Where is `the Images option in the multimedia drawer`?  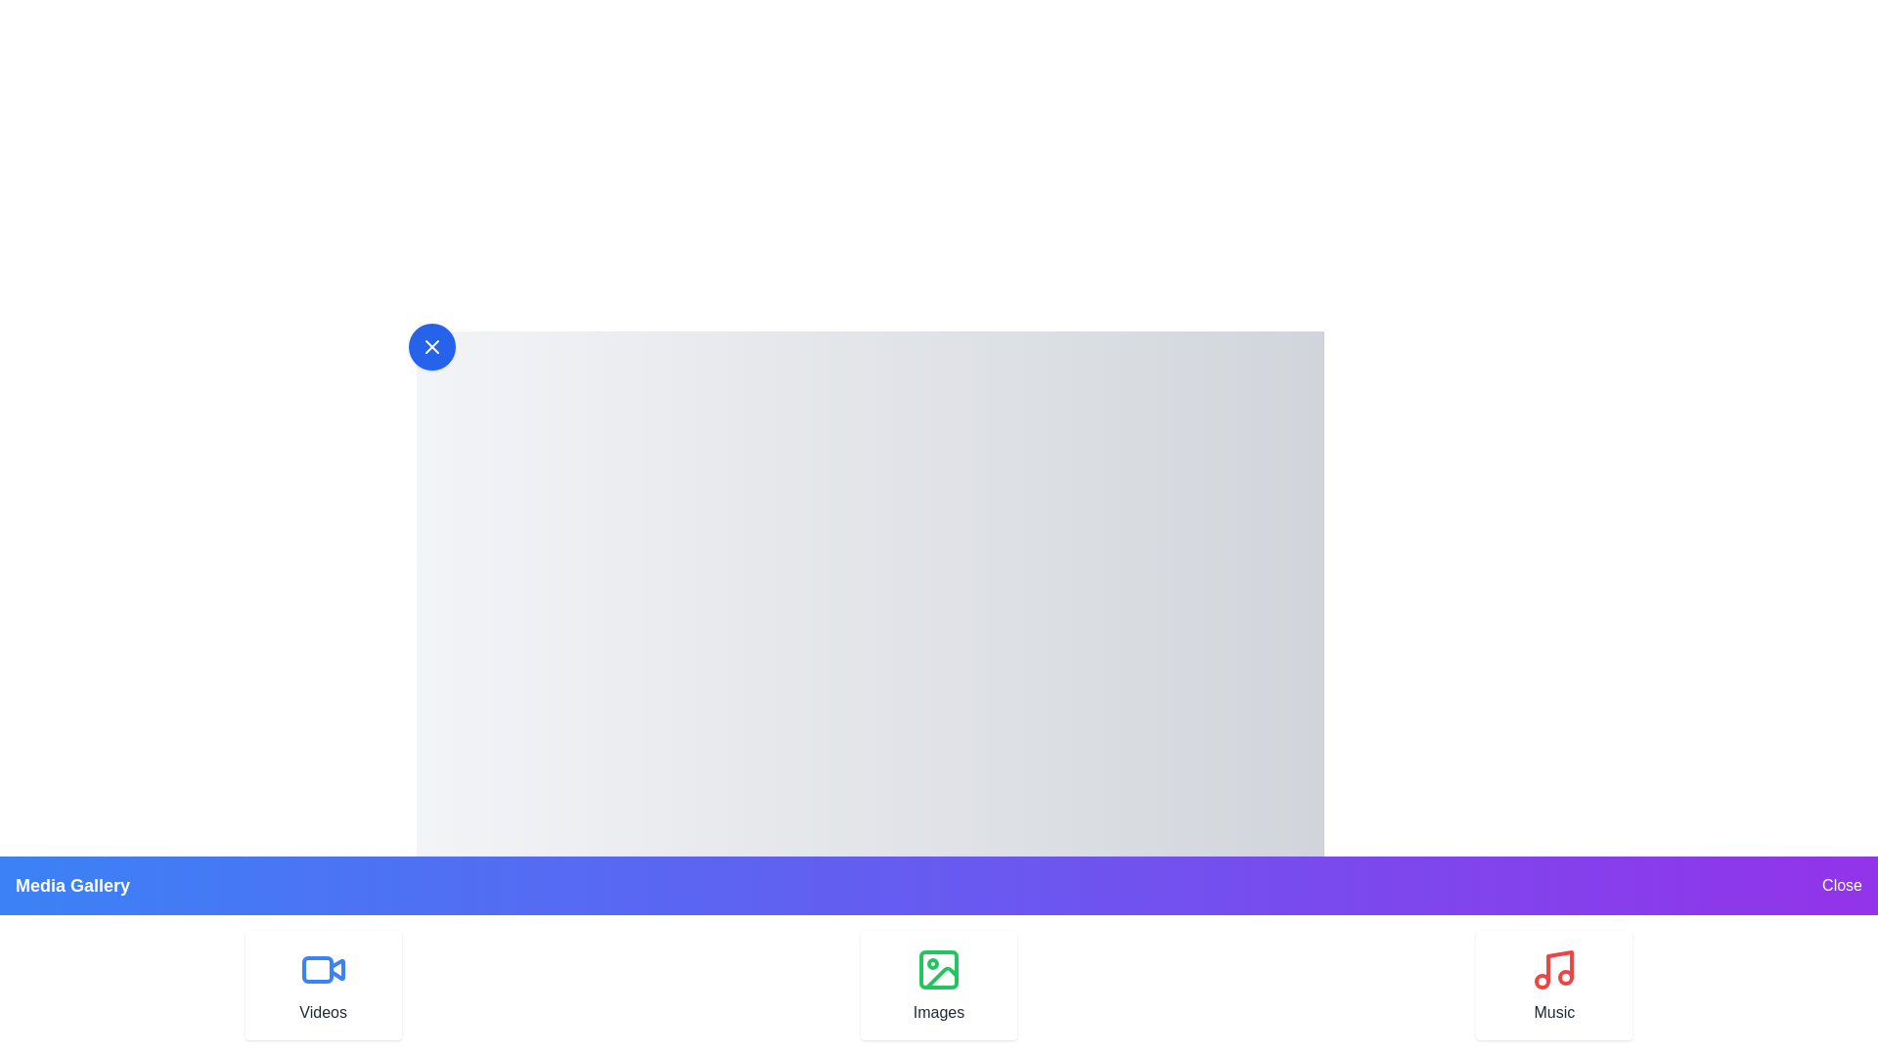 the Images option in the multimedia drawer is located at coordinates (939, 985).